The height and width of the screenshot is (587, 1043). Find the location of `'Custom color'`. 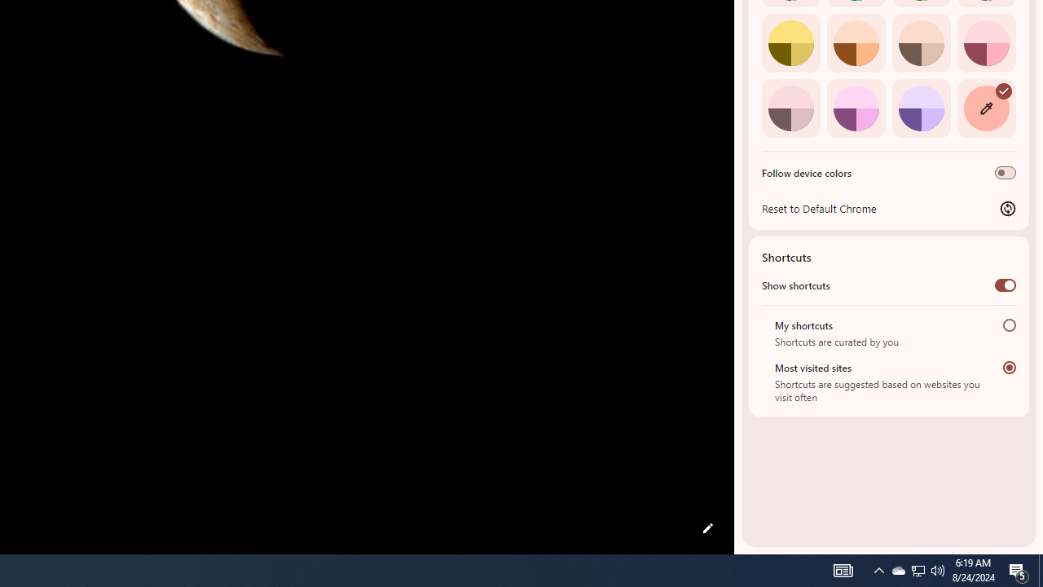

'Custom color' is located at coordinates (985, 108).